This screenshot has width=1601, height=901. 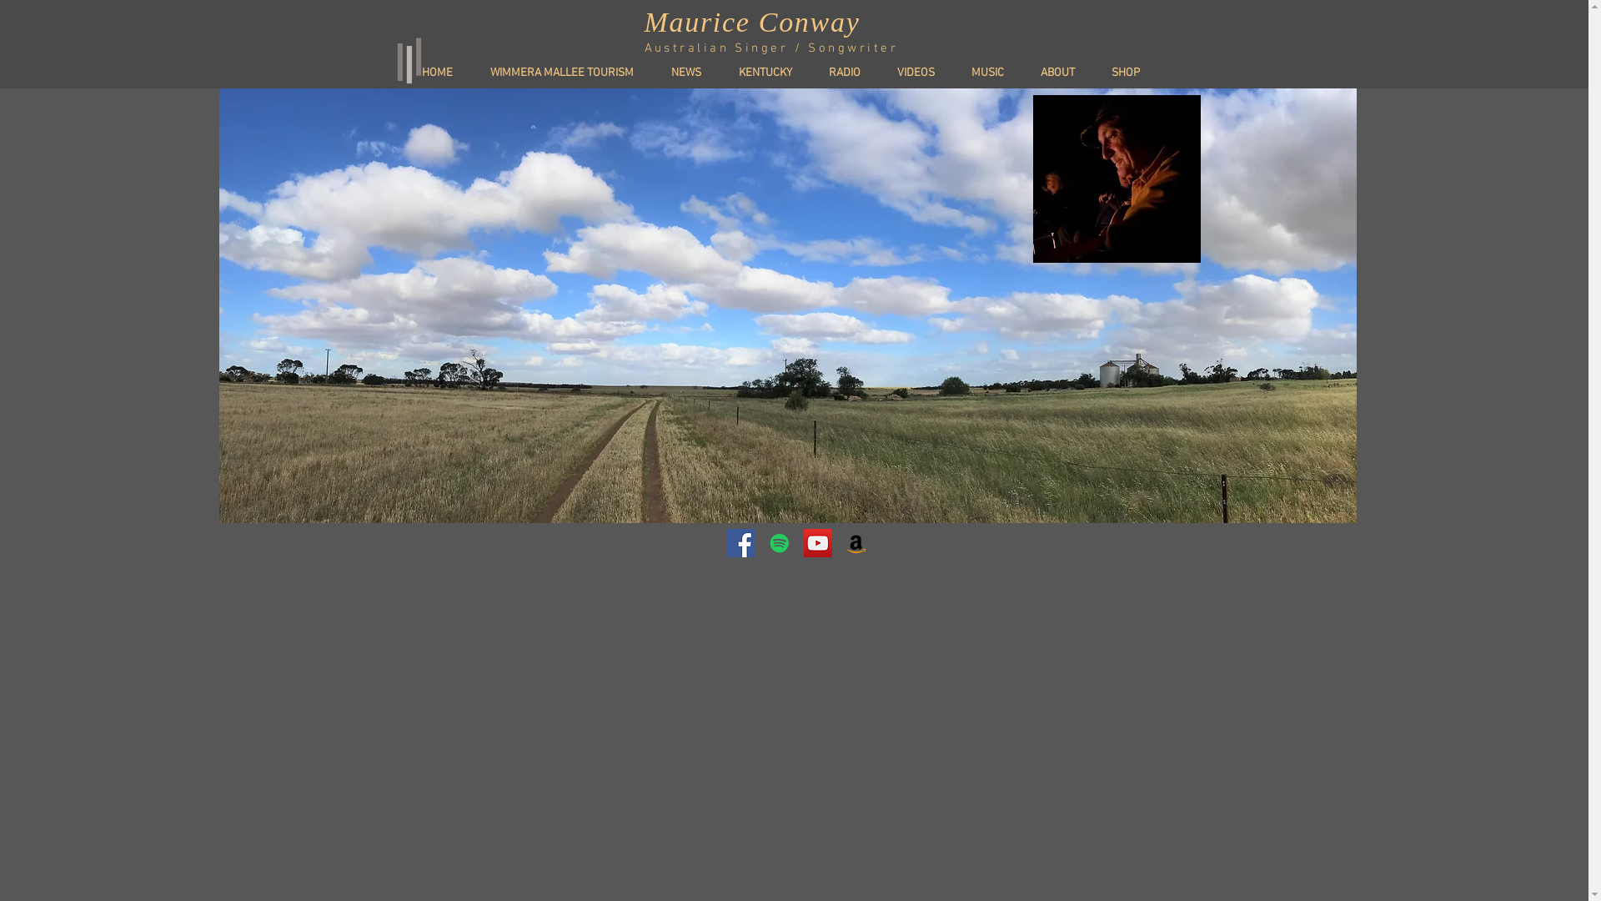 What do you see at coordinates (1132, 73) in the screenshot?
I see `'SHOP'` at bounding box center [1132, 73].